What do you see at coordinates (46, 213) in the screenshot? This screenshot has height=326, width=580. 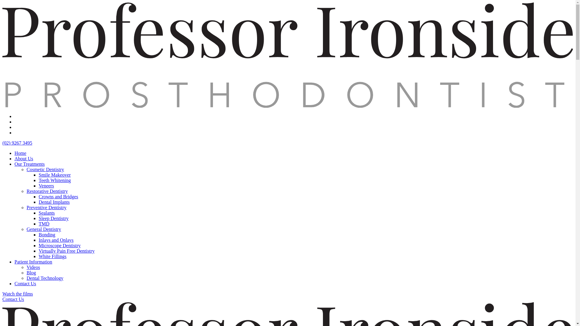 I see `'Sealants'` at bounding box center [46, 213].